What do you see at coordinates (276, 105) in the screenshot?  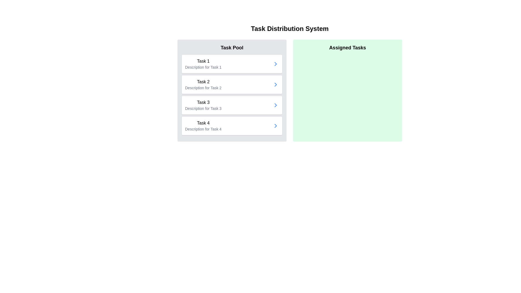 I see `the third right-pointing chevron icon located within the 'Task Pool' list under the 'Task 3' card` at bounding box center [276, 105].